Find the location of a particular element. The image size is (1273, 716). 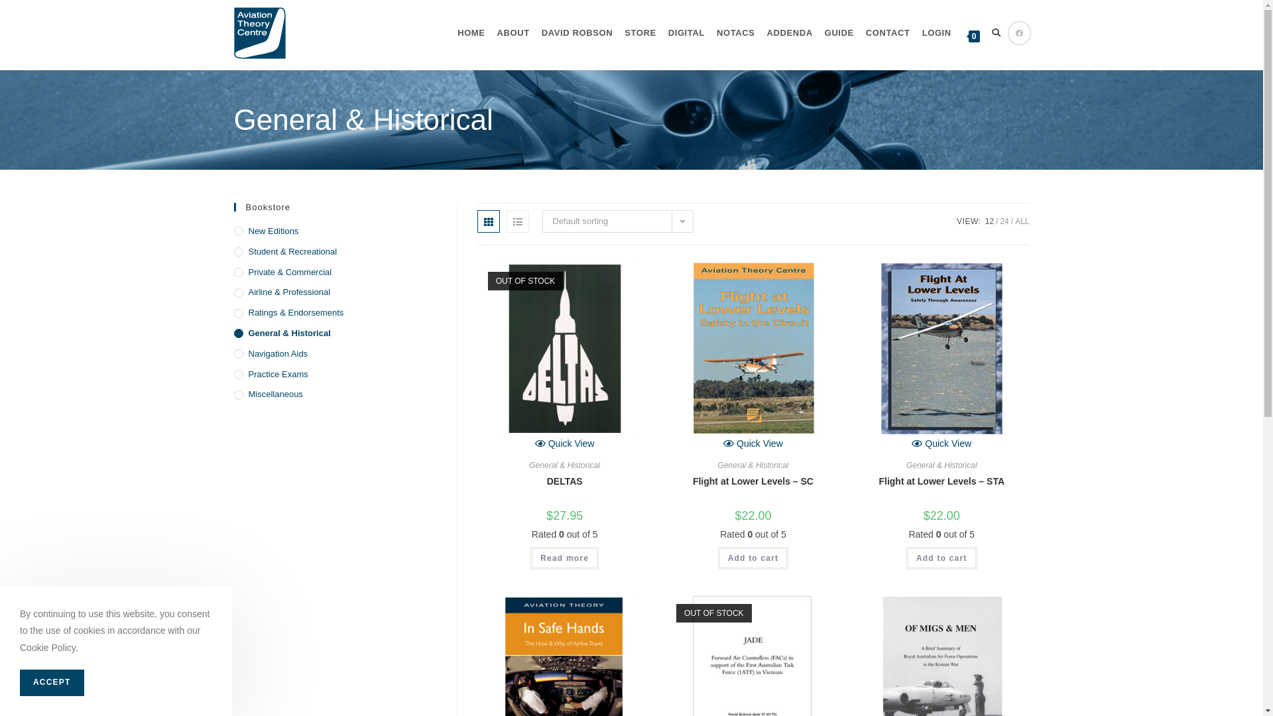

'ABOUT' is located at coordinates (513, 32).